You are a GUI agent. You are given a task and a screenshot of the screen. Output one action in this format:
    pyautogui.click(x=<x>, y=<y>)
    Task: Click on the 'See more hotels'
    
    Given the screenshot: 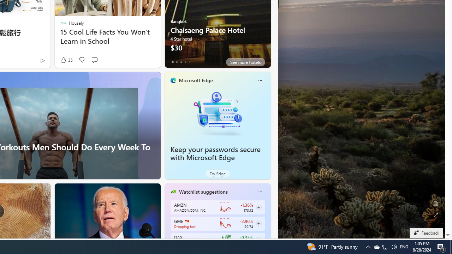 What is the action you would take?
    pyautogui.click(x=245, y=62)
    